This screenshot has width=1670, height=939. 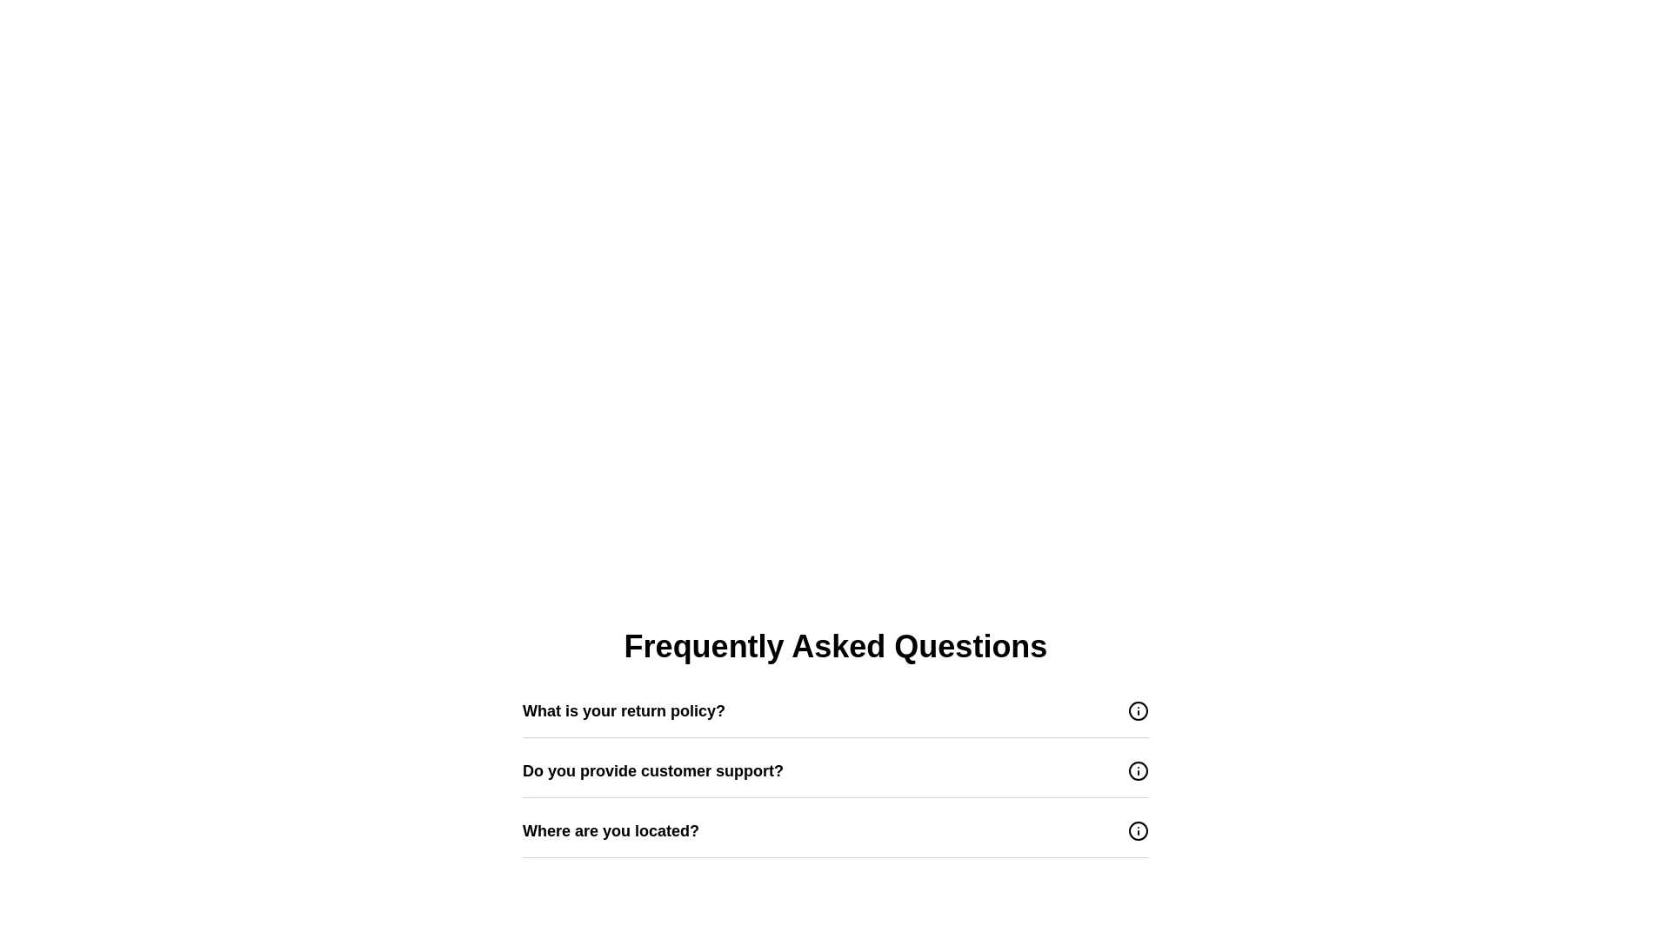 I want to click on the first FAQ item in the Frequently Asked Questions section, so click(x=835, y=710).